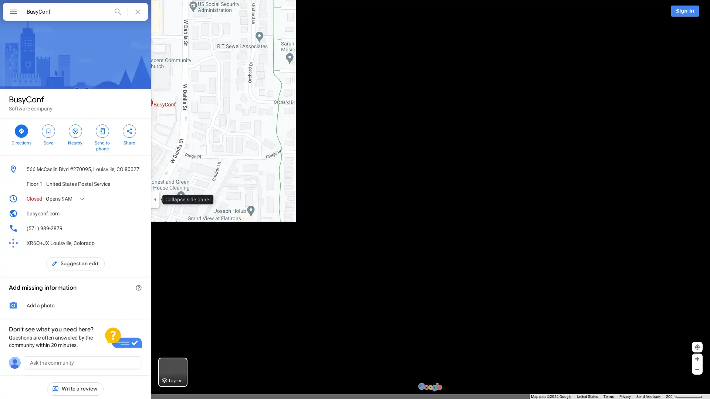 The width and height of the screenshot is (710, 399). Describe the element at coordinates (299, 11) in the screenshot. I see `Transit` at that location.